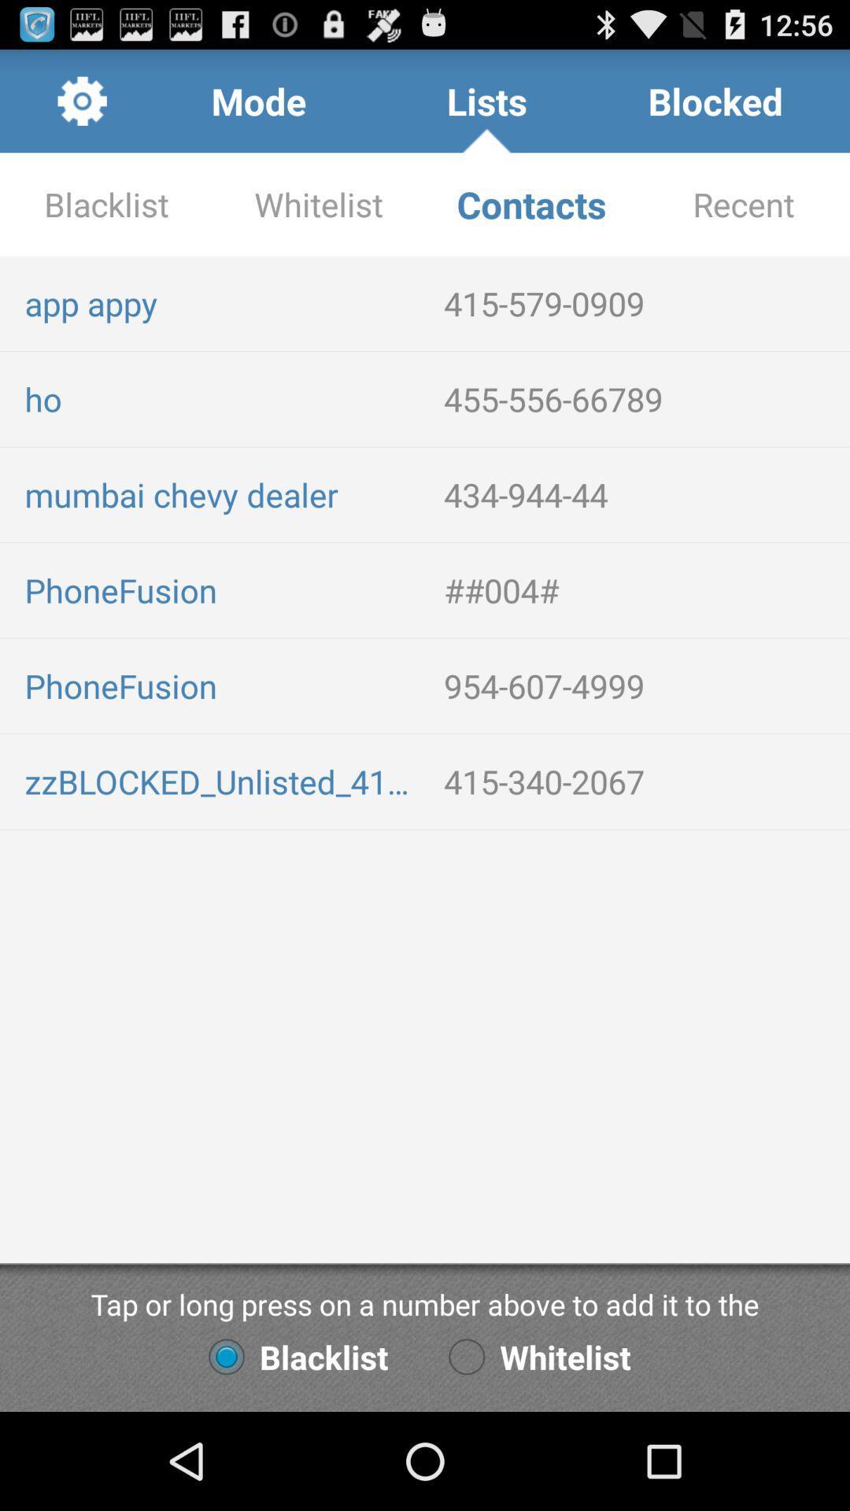  Describe the element at coordinates (221, 493) in the screenshot. I see `icon below the ho app` at that location.